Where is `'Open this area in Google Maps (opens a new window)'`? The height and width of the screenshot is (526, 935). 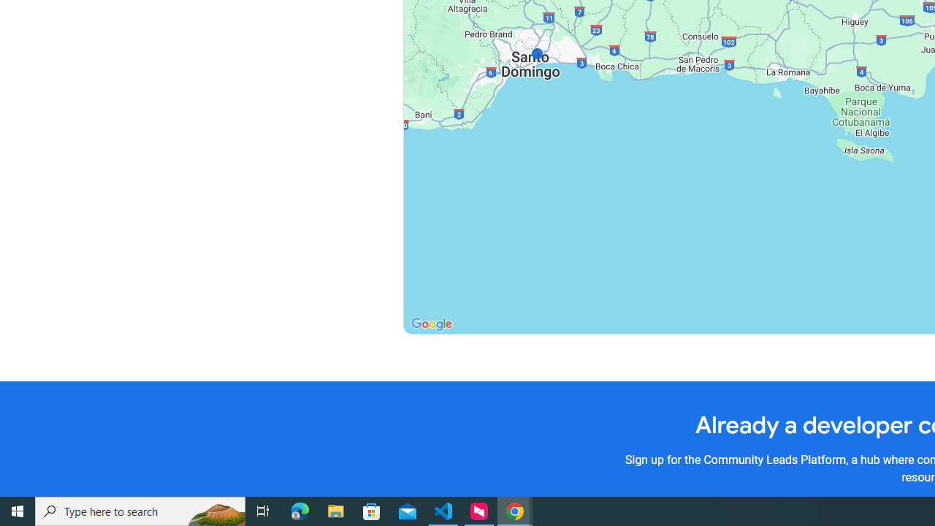 'Open this area in Google Maps (opens a new window)' is located at coordinates (430, 324).